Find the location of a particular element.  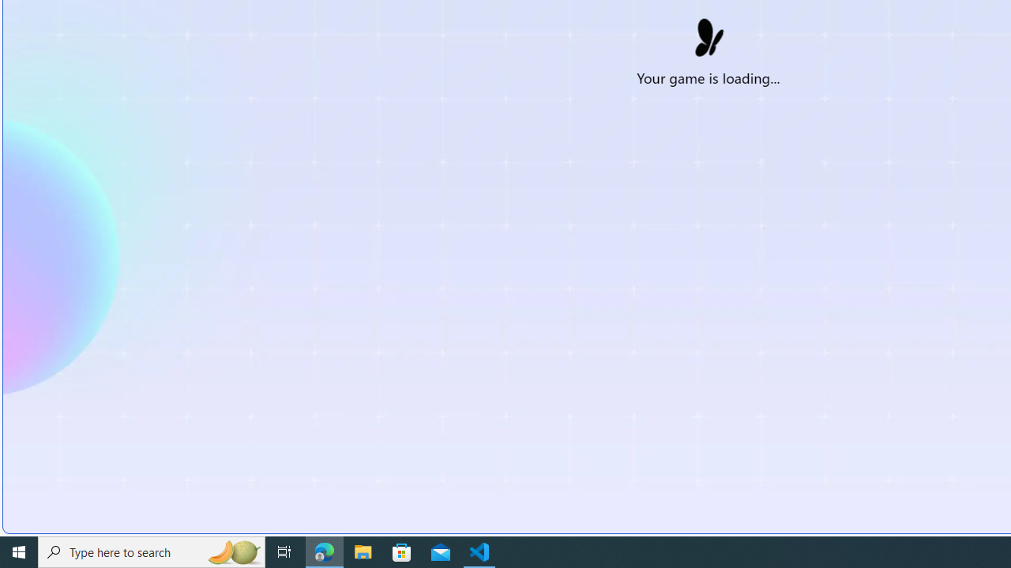

'Class: image' is located at coordinates (708, 32).